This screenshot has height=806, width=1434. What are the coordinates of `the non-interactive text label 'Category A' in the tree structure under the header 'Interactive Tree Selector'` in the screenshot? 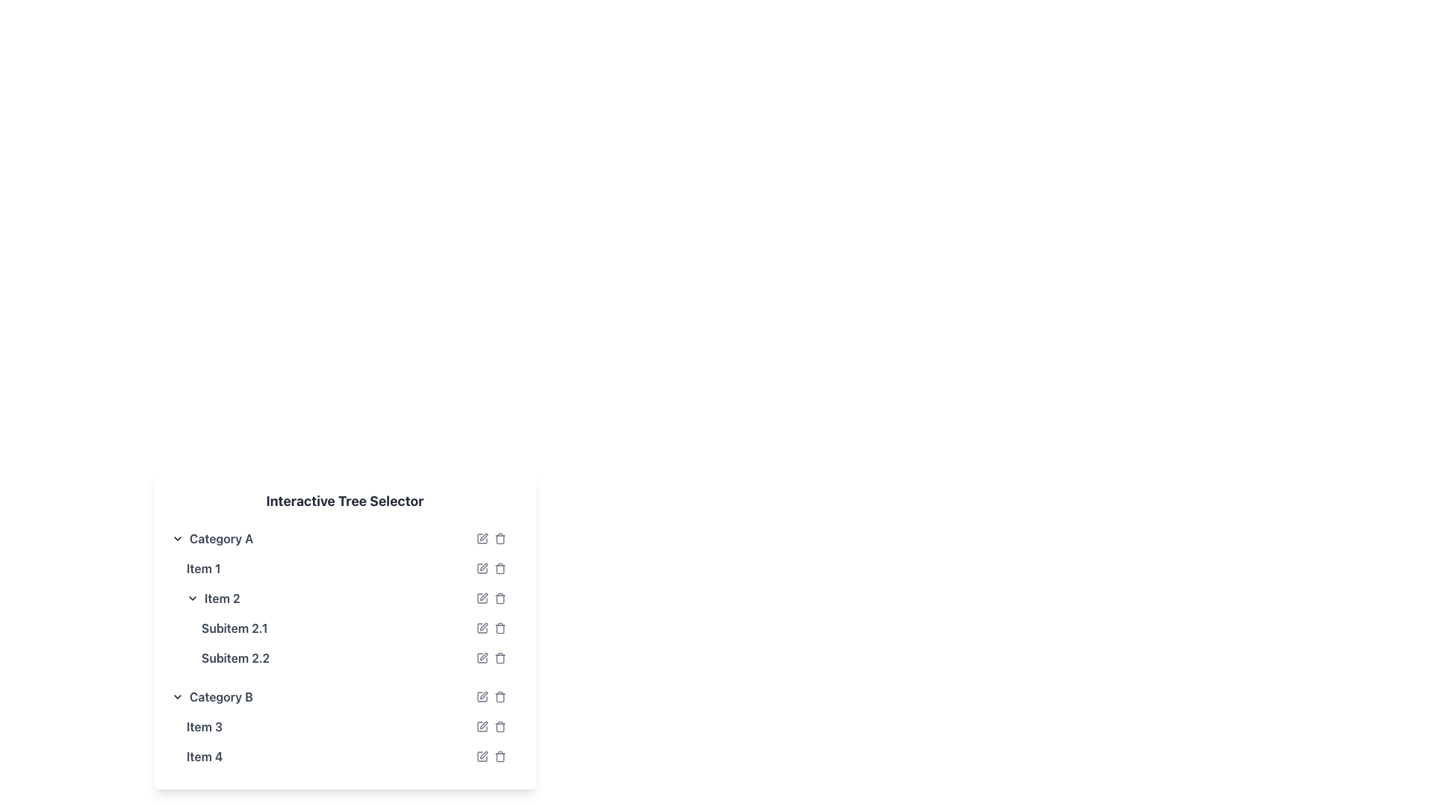 It's located at (220, 538).